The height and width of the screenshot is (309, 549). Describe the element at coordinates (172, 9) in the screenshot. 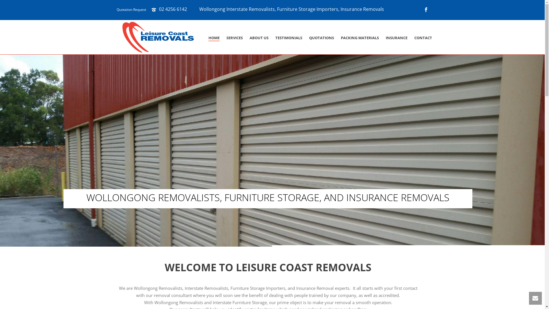

I see `'02 4256 6142'` at that location.